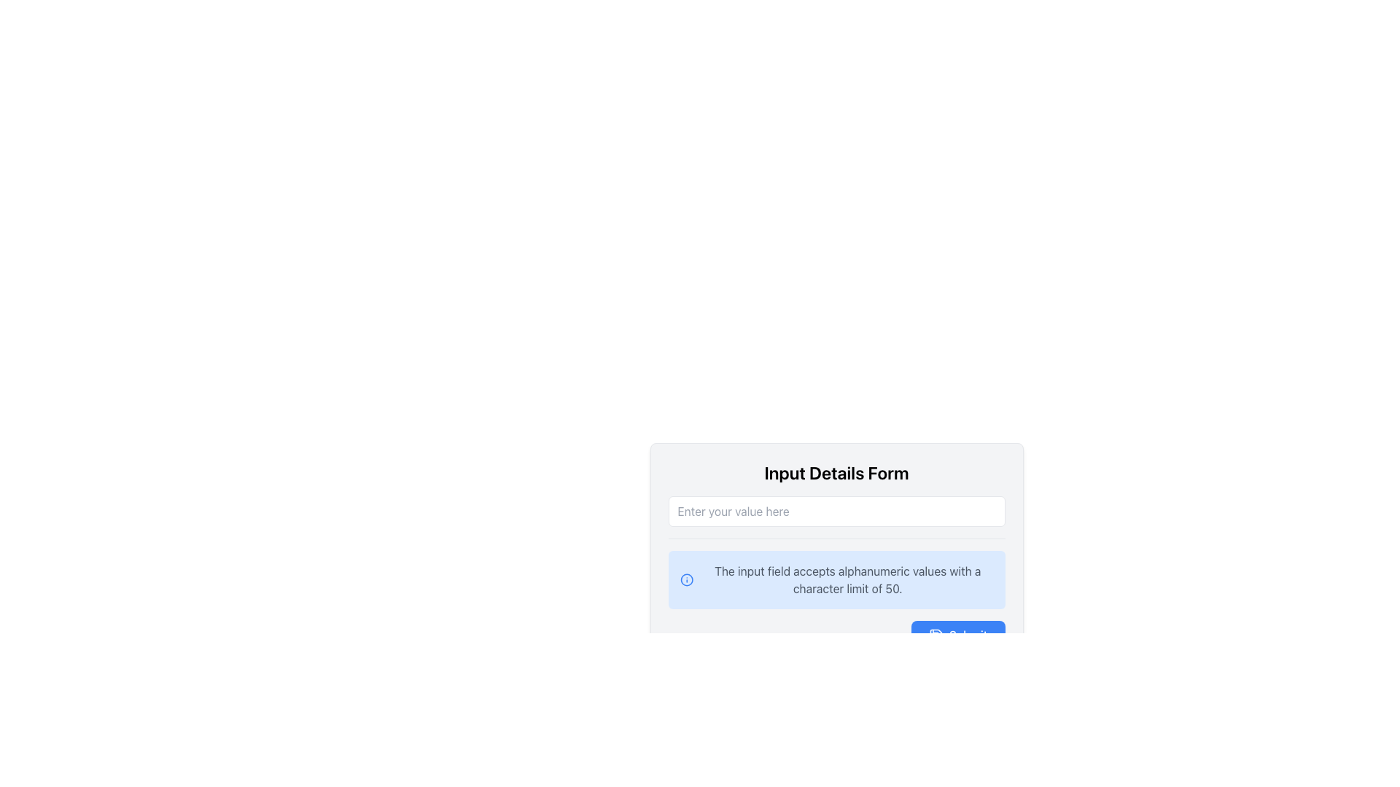  What do you see at coordinates (685, 579) in the screenshot?
I see `the blue circular icon located on the left side of the grey box that contains the input field characteristics text` at bounding box center [685, 579].